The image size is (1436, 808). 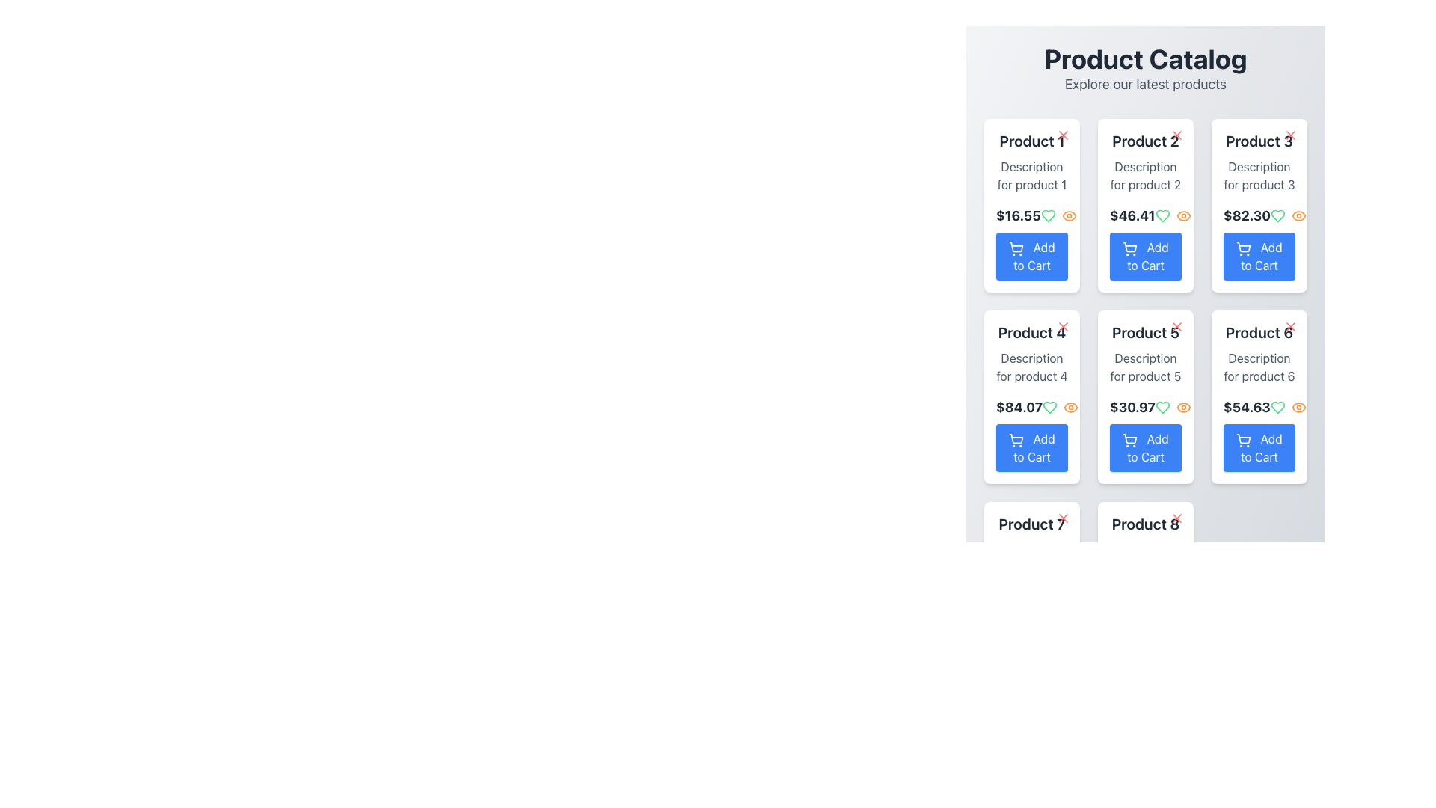 What do you see at coordinates (1173, 407) in the screenshot?
I see `the eye icon on the right side of the icon group, which is styled in orange` at bounding box center [1173, 407].